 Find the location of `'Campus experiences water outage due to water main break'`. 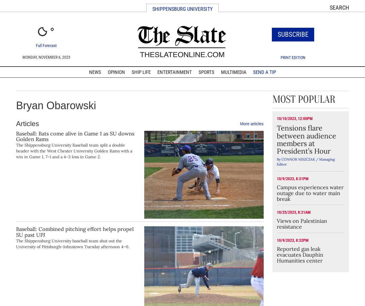

'Campus experiences water outage due to water main break' is located at coordinates (310, 193).